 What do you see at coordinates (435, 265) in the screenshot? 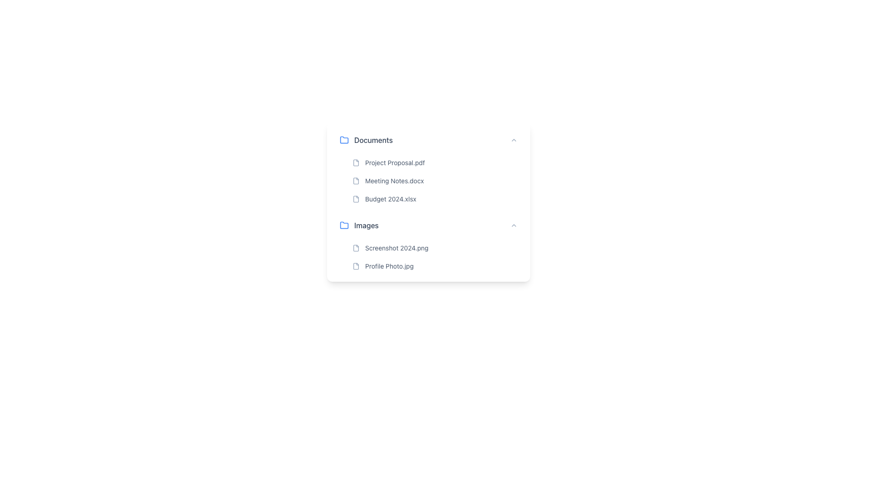
I see `the file entry labeled 'Profile Photo.jpg'` at bounding box center [435, 265].